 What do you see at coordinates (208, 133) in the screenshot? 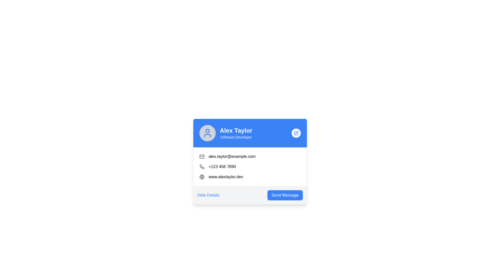
I see `the user profile icon, which is a circular icon with a light blue foreground image representing a person, centered within a gray background on the profile card` at bounding box center [208, 133].